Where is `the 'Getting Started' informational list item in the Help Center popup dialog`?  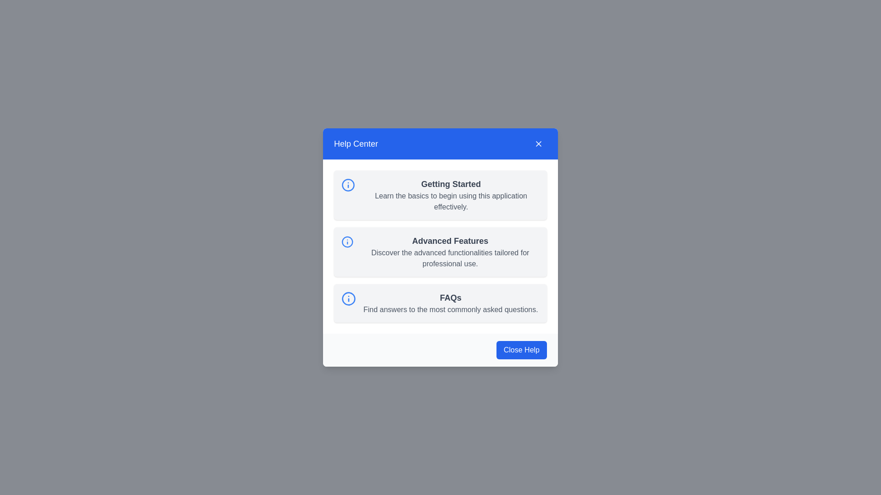 the 'Getting Started' informational list item in the Help Center popup dialog is located at coordinates (440, 194).